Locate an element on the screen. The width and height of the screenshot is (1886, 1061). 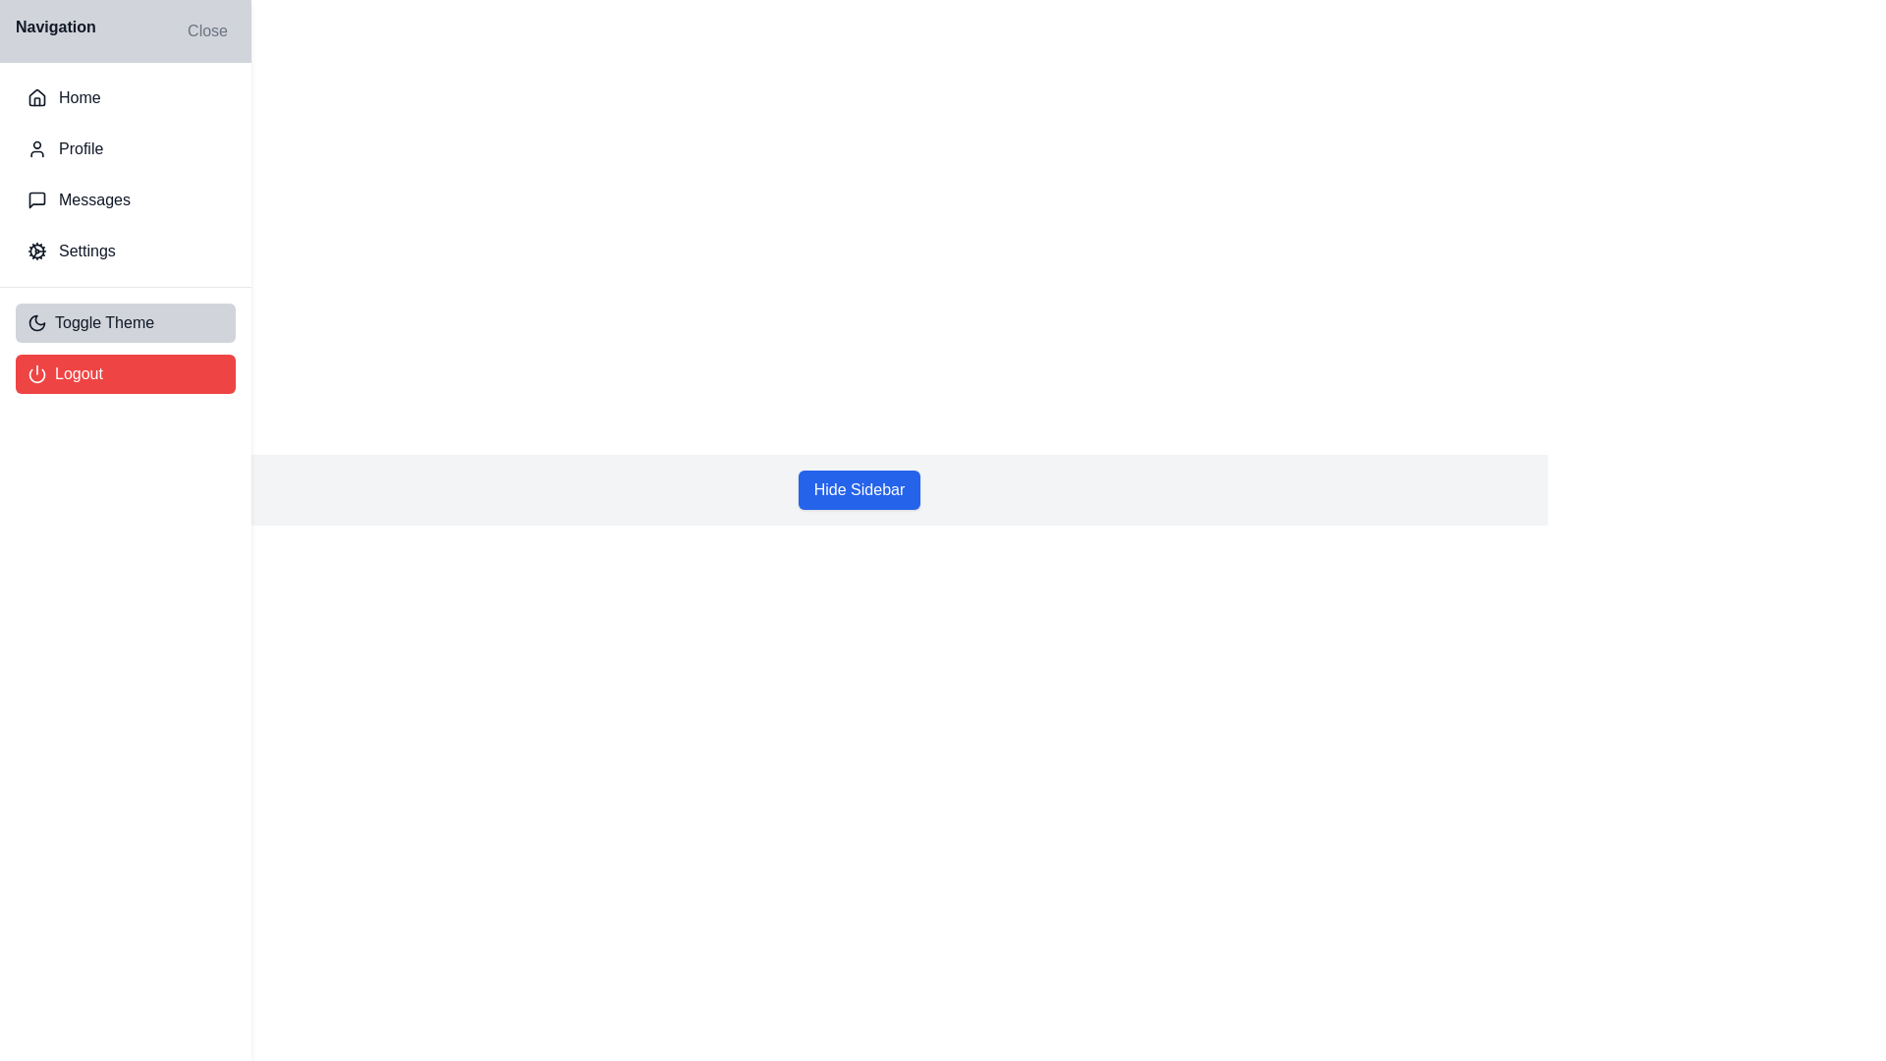
the 'Messages' navigation button, which features a message bubble icon on the left and the text 'Messages' on the right, located as the third item in the vertical navigation menu is located at coordinates (125, 200).